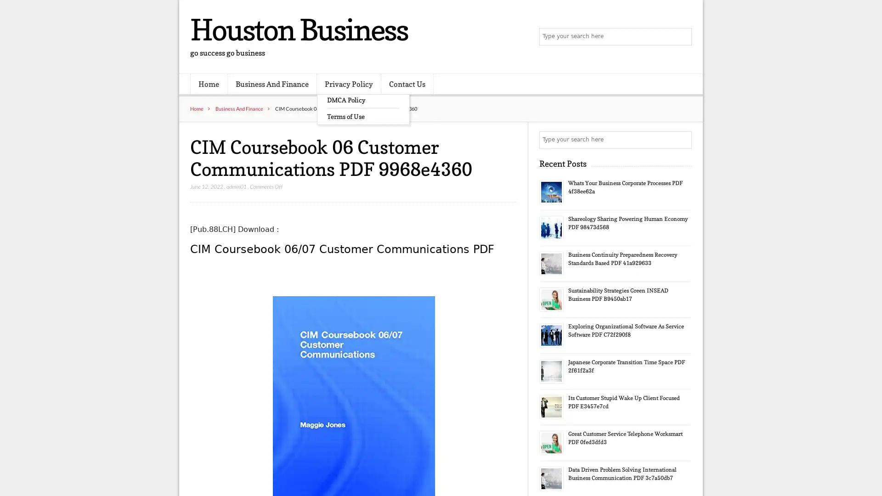  What do you see at coordinates (682, 140) in the screenshot?
I see `Search` at bounding box center [682, 140].